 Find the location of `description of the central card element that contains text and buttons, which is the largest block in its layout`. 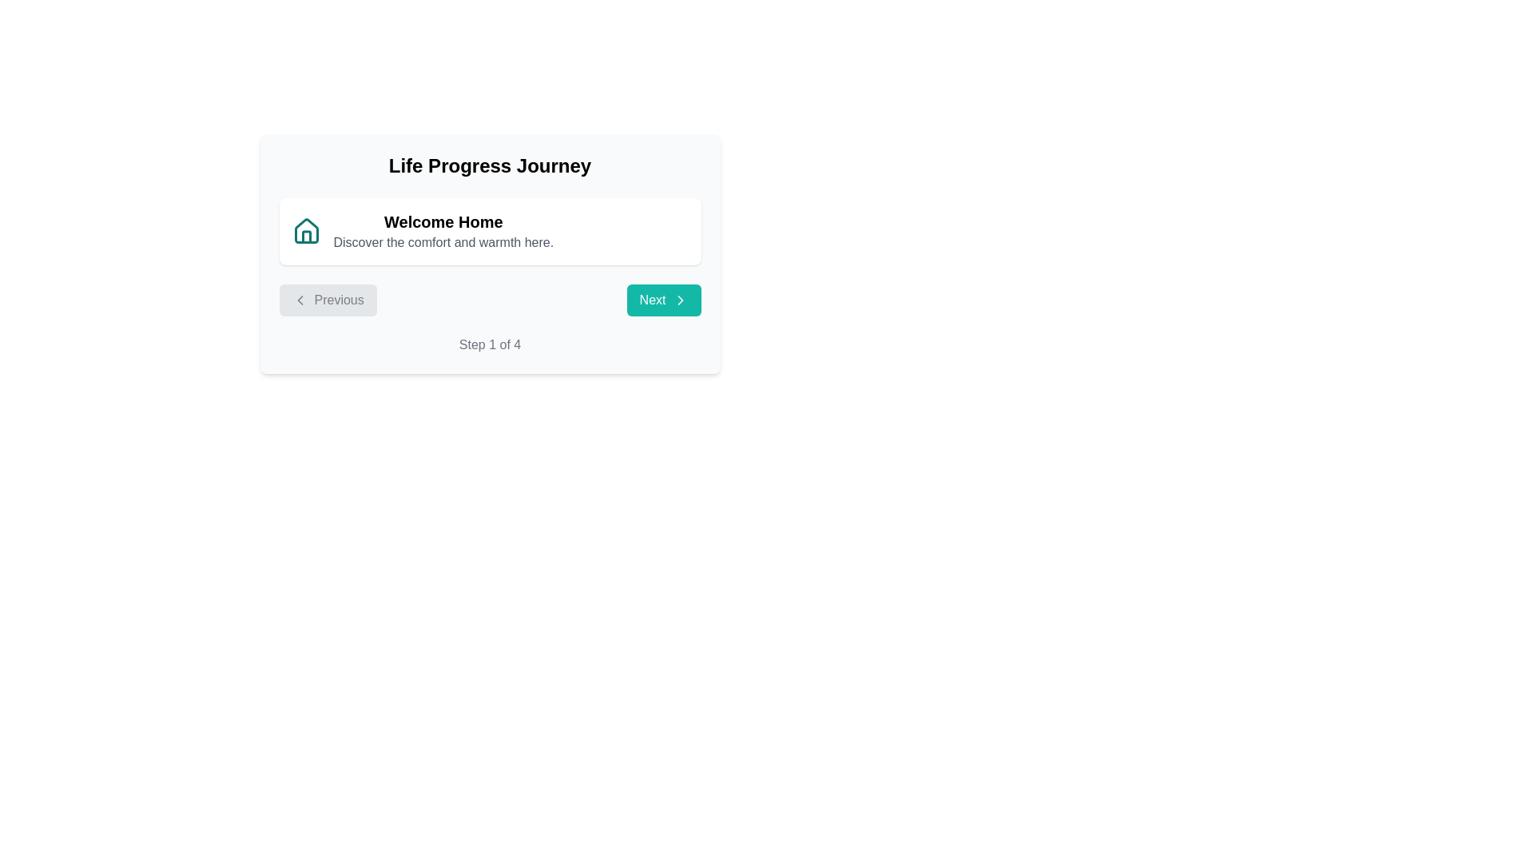

description of the central card element that contains text and buttons, which is the largest block in its layout is located at coordinates (489, 253).